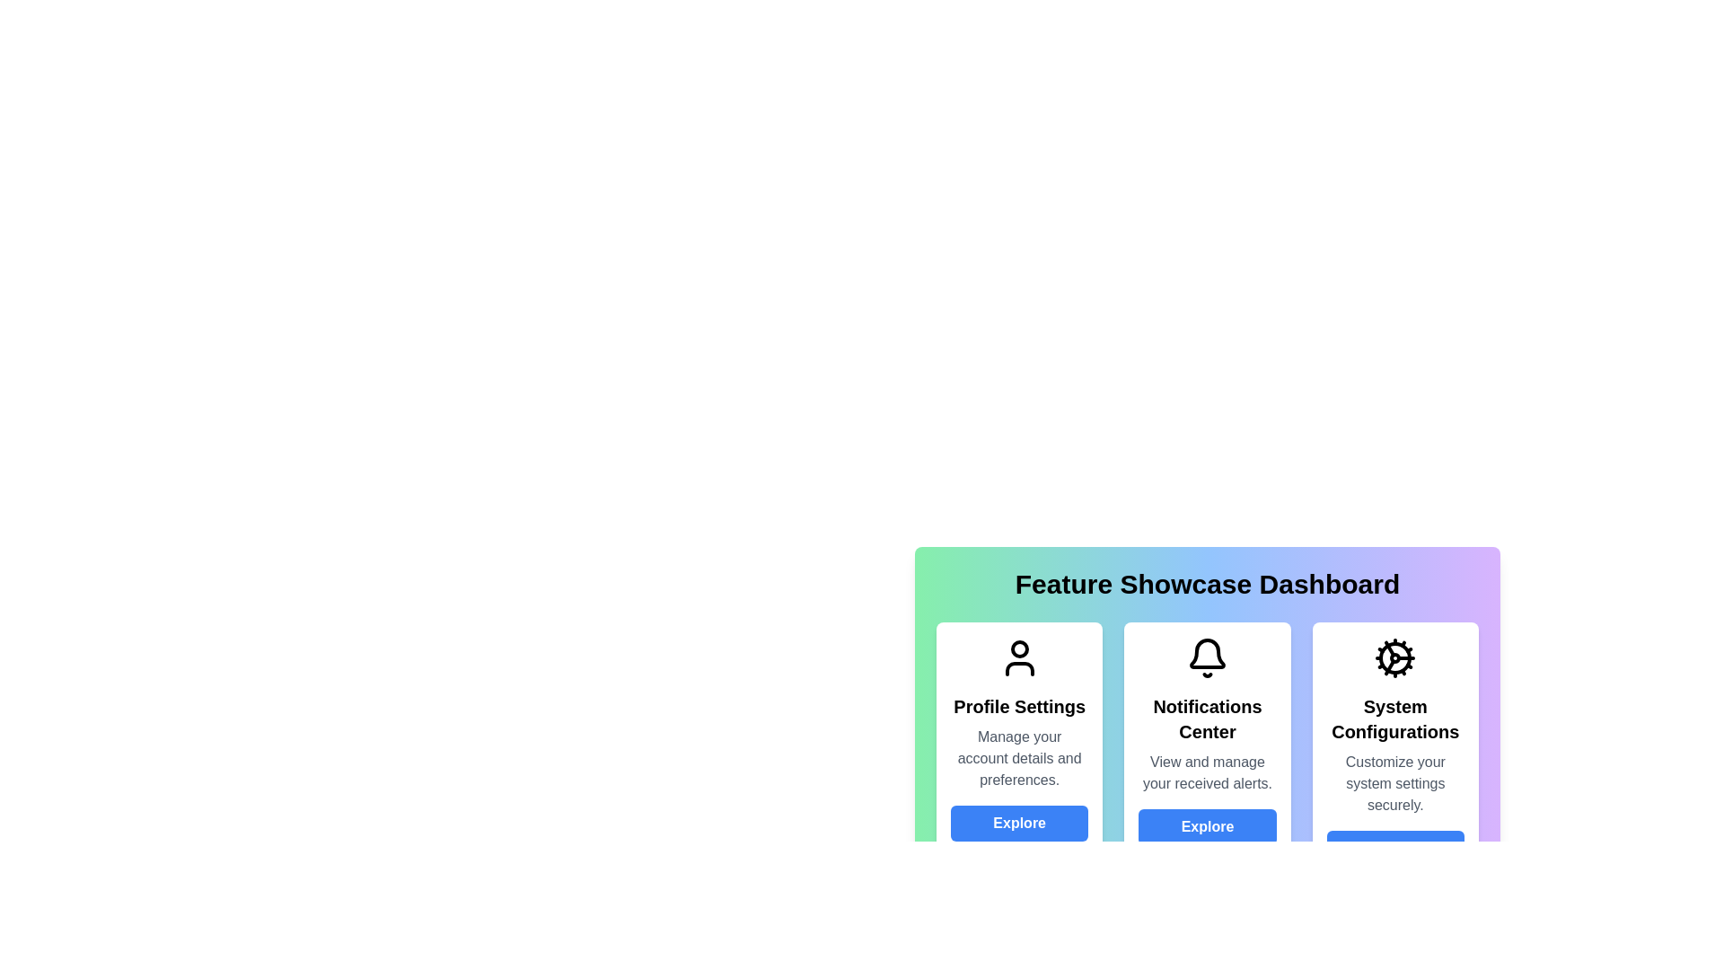  What do you see at coordinates (1394, 657) in the screenshot?
I see `the cogwheel icon representing system configurations, located at the rightmost position of the 'System Configurations' card under the 'Feature Showcase Dashboard'` at bounding box center [1394, 657].